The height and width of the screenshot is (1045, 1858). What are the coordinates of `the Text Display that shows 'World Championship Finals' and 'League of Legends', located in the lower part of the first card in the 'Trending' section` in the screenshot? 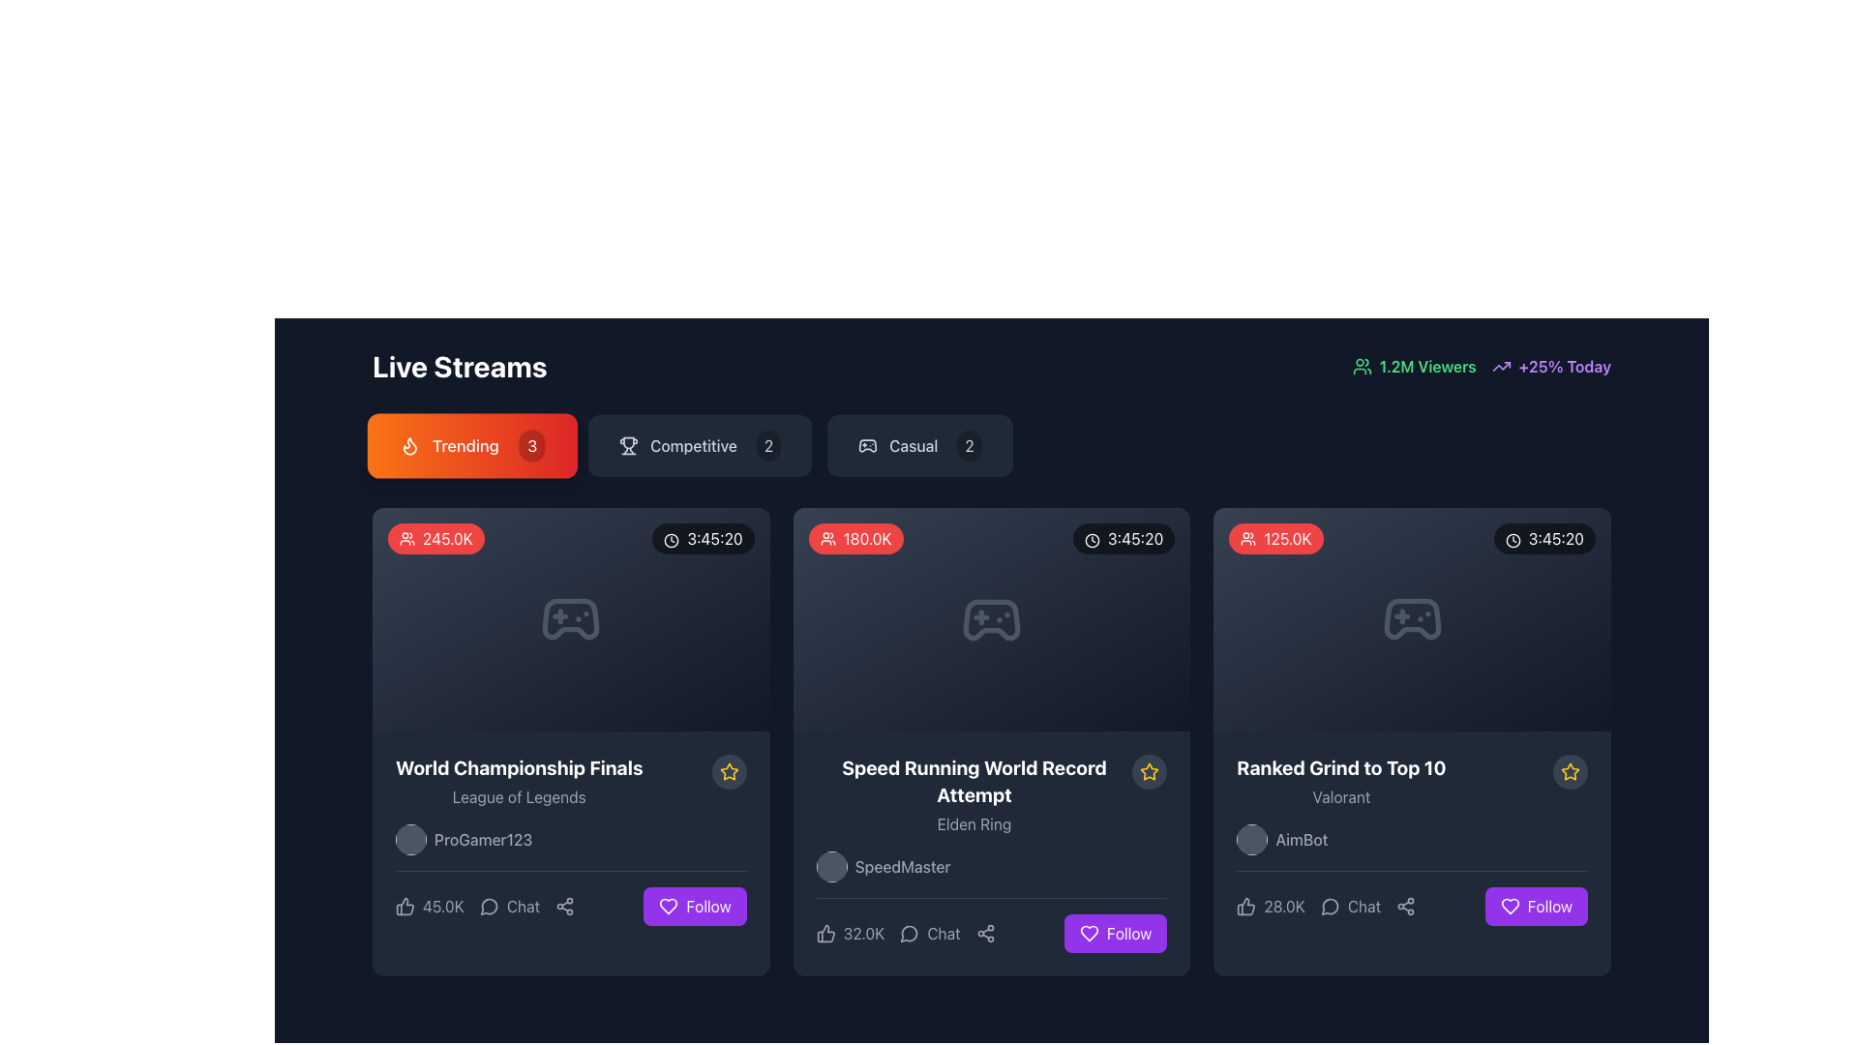 It's located at (519, 780).